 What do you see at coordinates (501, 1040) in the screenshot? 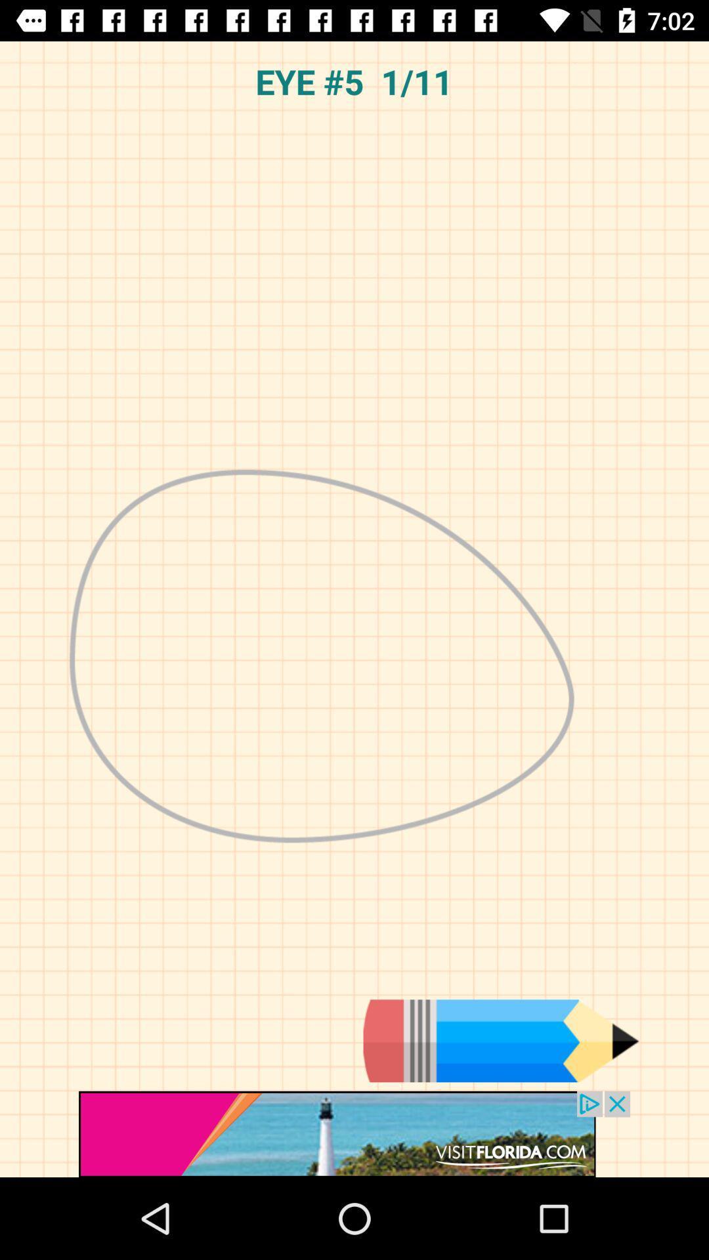
I see `entreating` at bounding box center [501, 1040].